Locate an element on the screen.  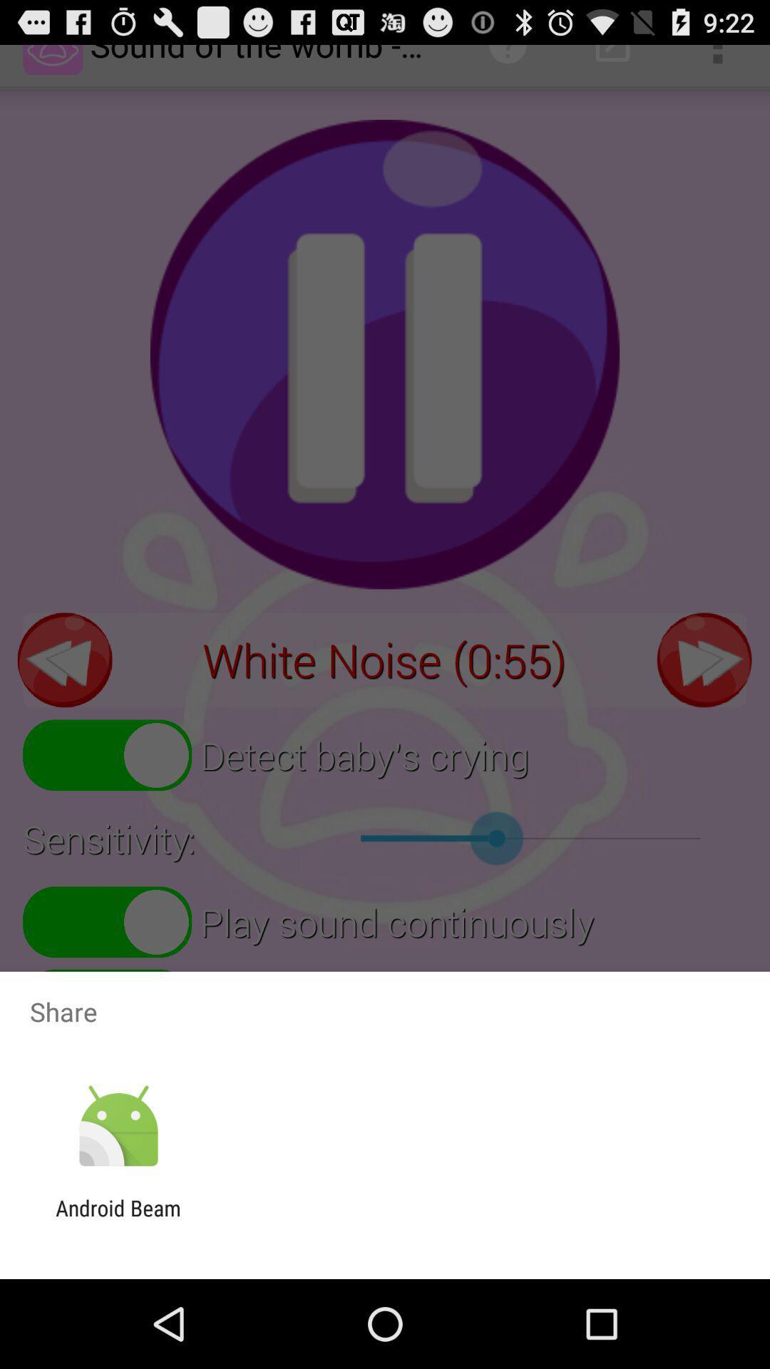
app above the android beam is located at coordinates (118, 1126).